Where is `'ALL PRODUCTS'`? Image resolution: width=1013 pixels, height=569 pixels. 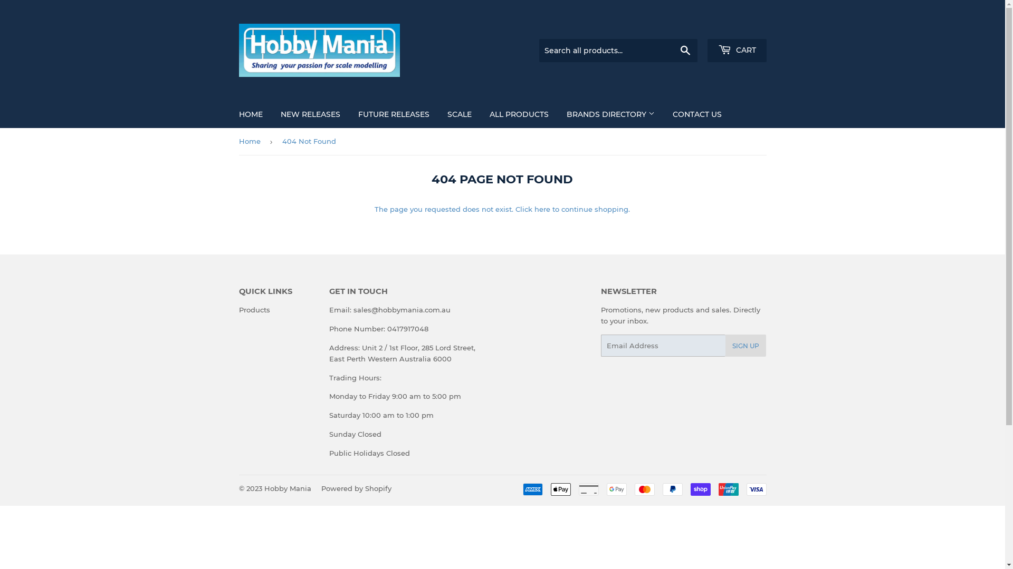
'ALL PRODUCTS' is located at coordinates (481, 114).